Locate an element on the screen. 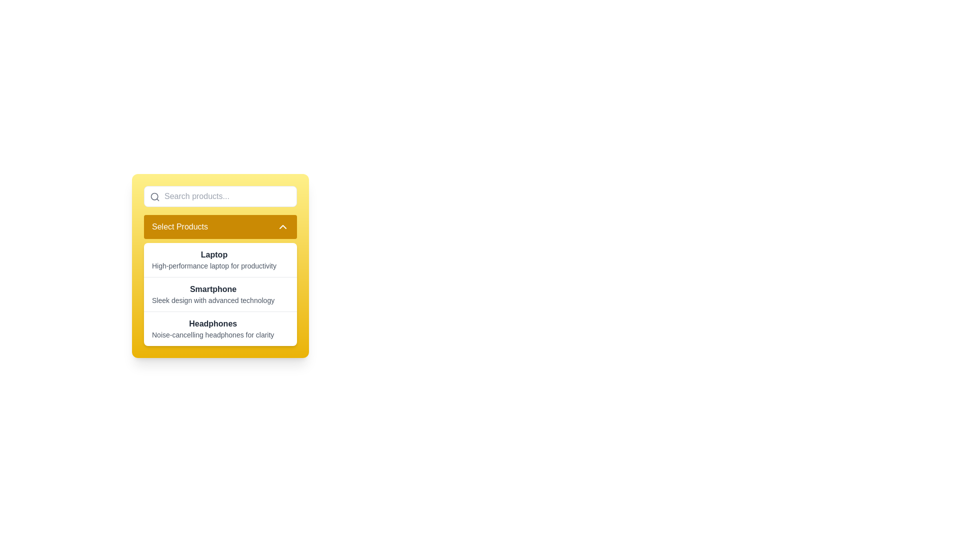 This screenshot has height=540, width=960. the third item in the selectable list, which has text content and is located in a popup widget with a yellow background is located at coordinates (212, 329).